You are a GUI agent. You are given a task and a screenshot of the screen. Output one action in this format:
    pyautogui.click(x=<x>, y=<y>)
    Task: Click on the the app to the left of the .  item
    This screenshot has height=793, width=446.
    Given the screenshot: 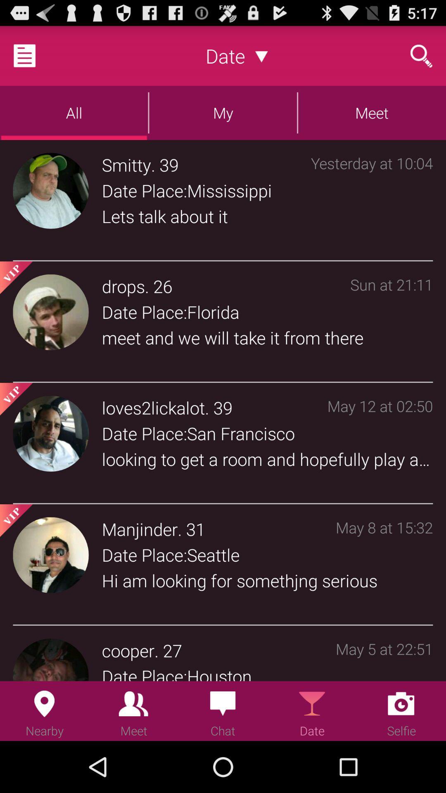 What is the action you would take?
    pyautogui.click(x=126, y=164)
    